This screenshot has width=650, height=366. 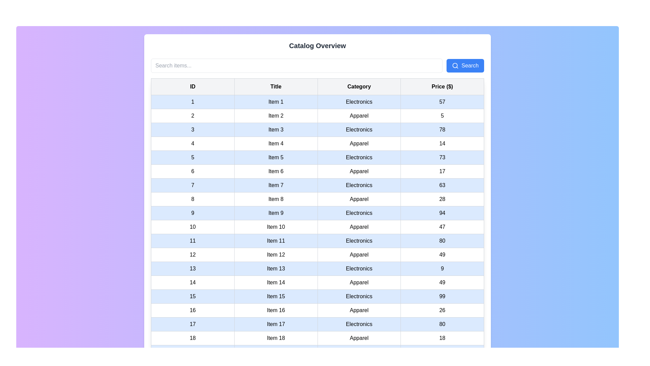 I want to click on the table cell displaying the title of the fifth item in the table, which is located in the second cell of the fifth row under the 'Title' column, so click(x=276, y=158).